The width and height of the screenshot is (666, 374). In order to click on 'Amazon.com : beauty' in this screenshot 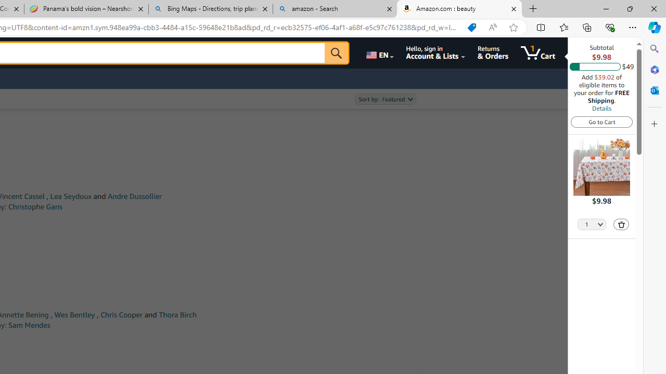, I will do `click(459, 9)`.